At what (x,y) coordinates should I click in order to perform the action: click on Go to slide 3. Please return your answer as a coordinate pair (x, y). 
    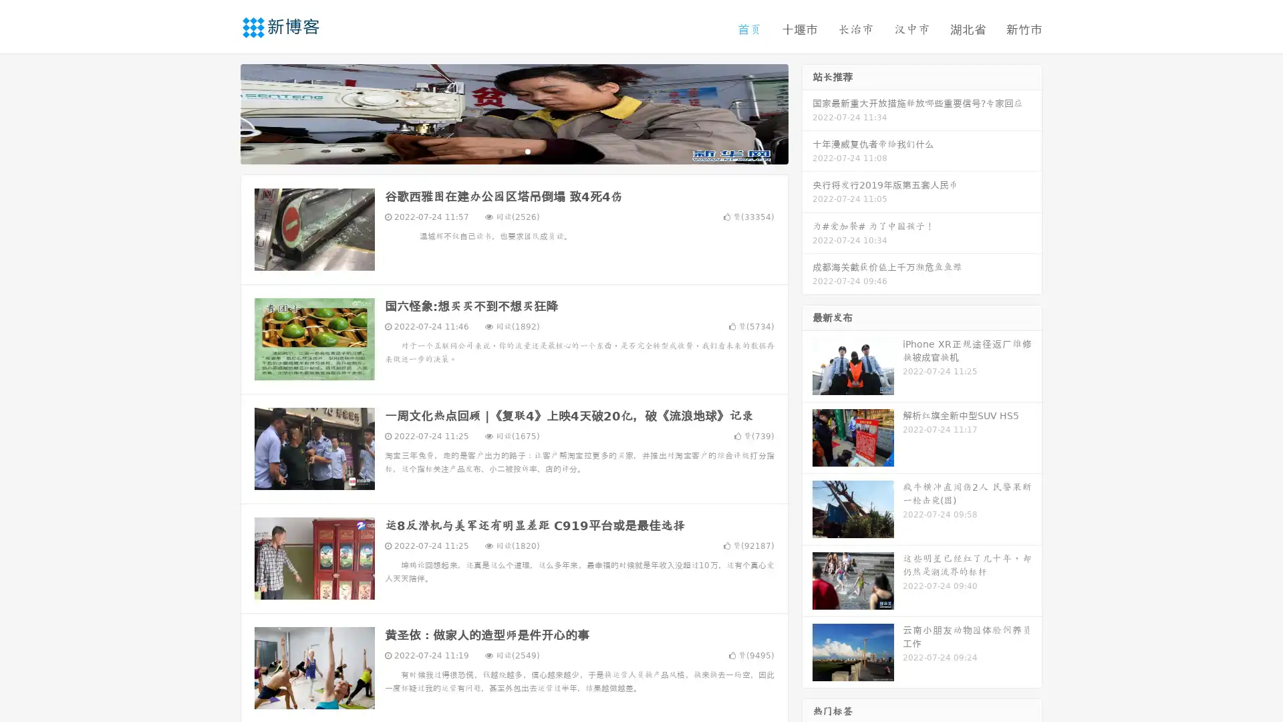
    Looking at the image, I should click on (527, 150).